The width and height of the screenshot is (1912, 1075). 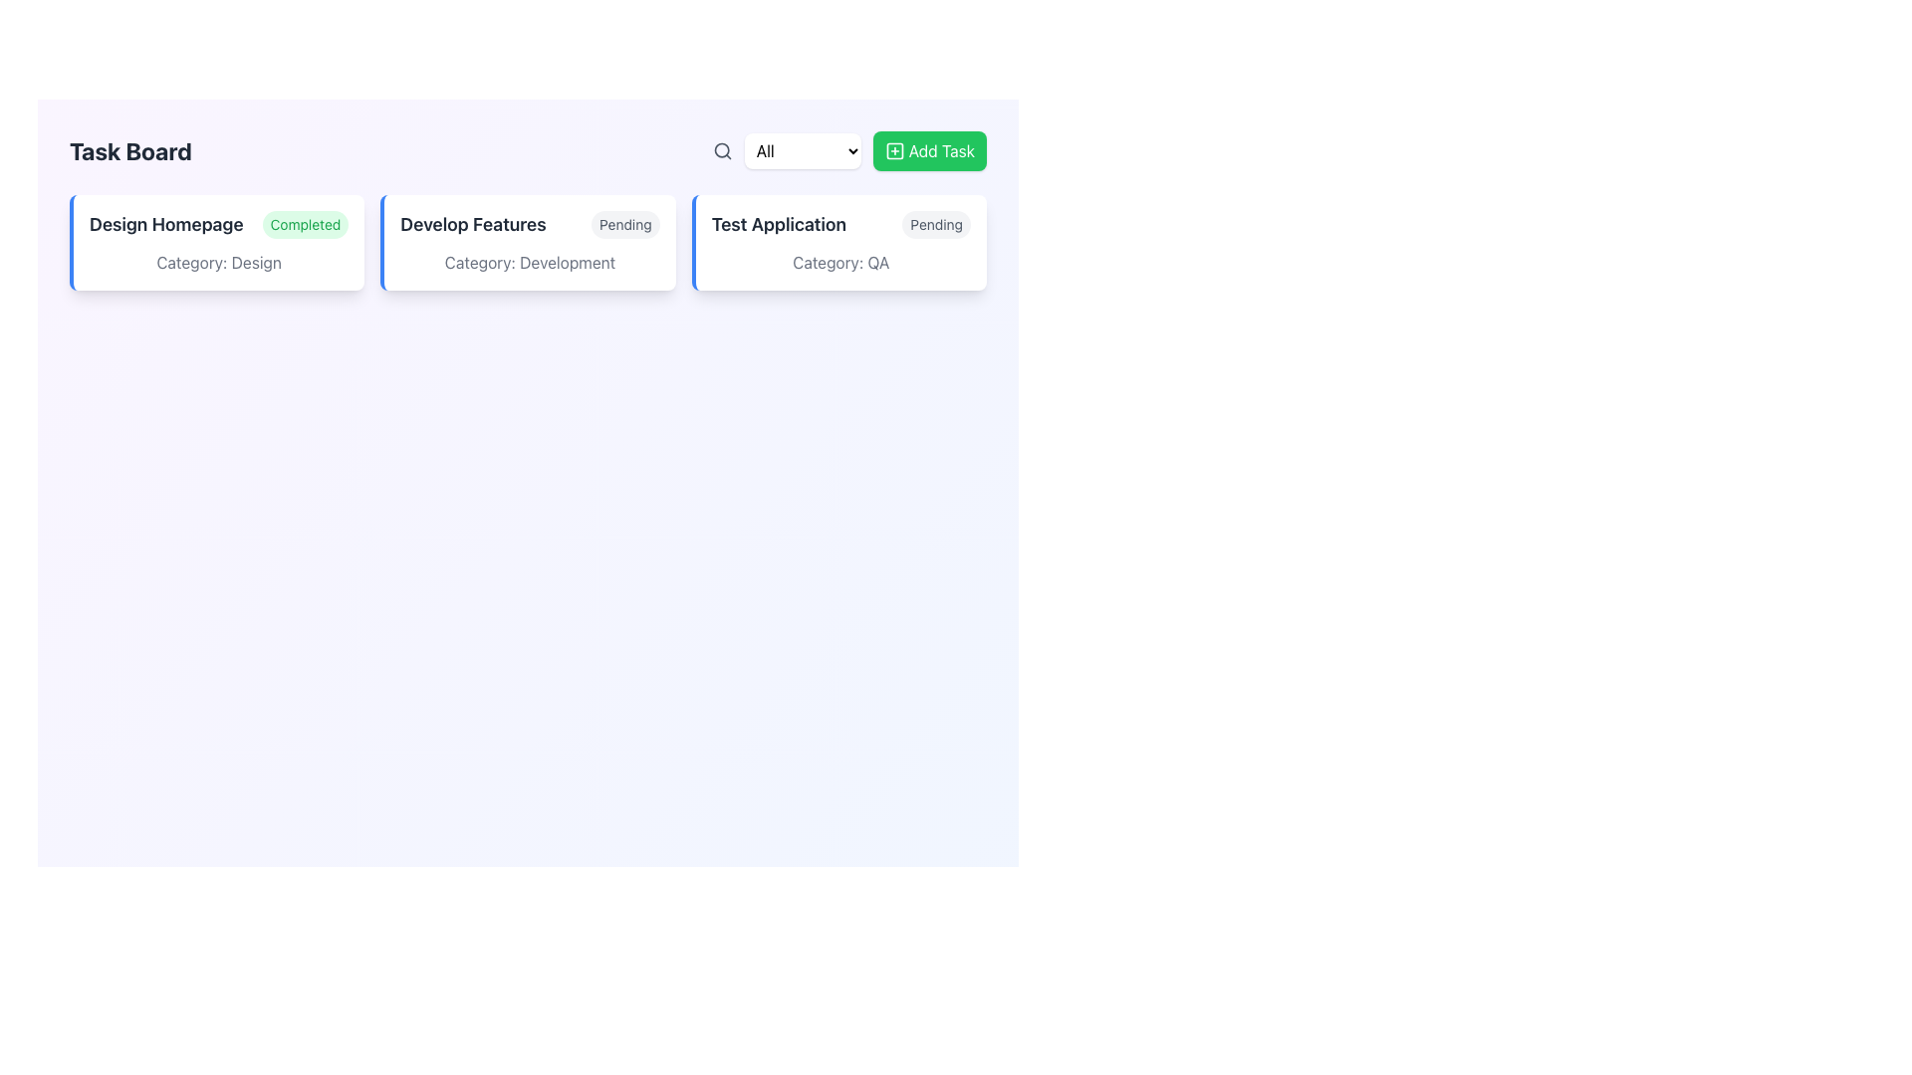 I want to click on the small rounded rectangle icon located centrally within the 'Add Task' green button, which has a light gray border, so click(x=893, y=149).